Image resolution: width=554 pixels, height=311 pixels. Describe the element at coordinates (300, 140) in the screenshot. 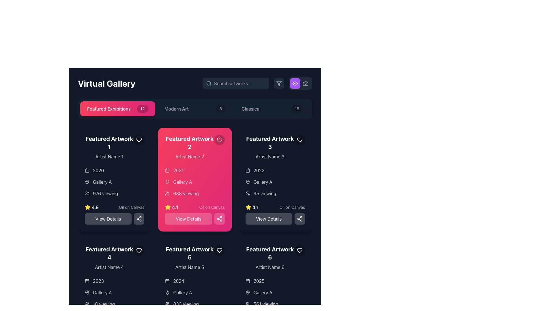

I see `the heart-shaped icon button located at the top-right corner of the 'Featured Artwork 2' card to mark it as a favorite` at that location.